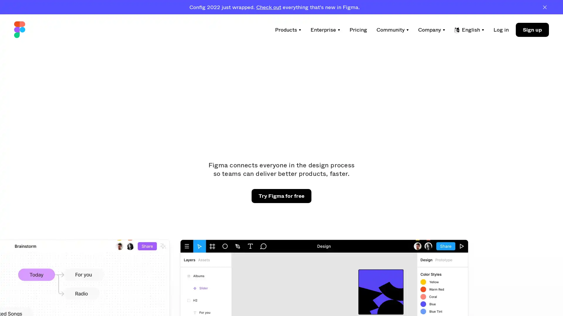 This screenshot has height=316, width=563. What do you see at coordinates (501, 30) in the screenshot?
I see `Log in` at bounding box center [501, 30].